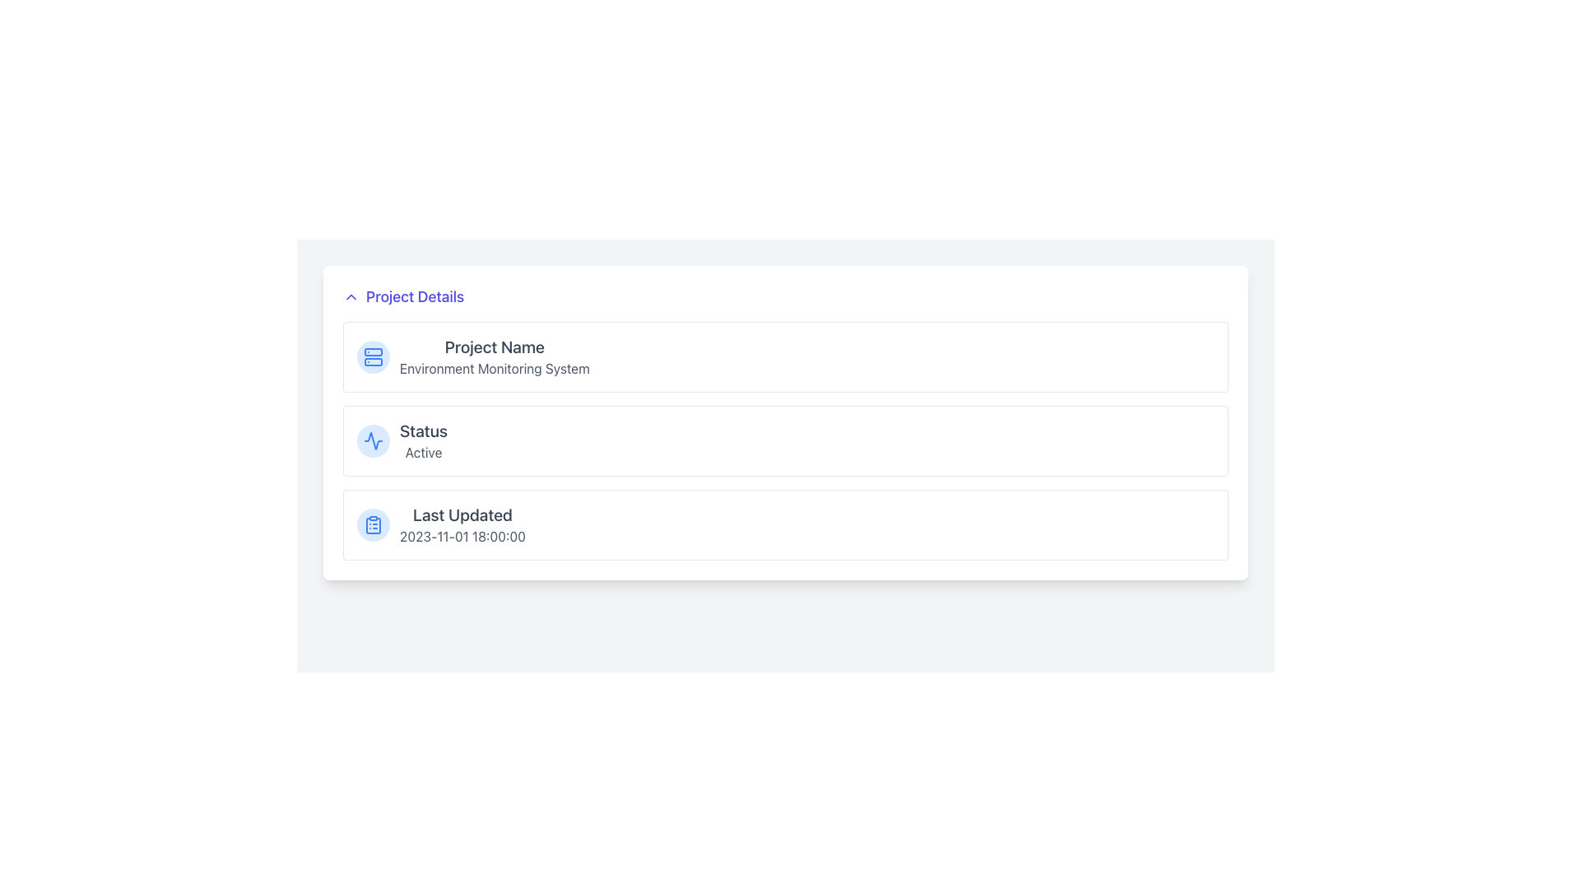  I want to click on 'Status' text label that shows 'Active' in the second card under the 'Project Details' section, so click(423, 440).